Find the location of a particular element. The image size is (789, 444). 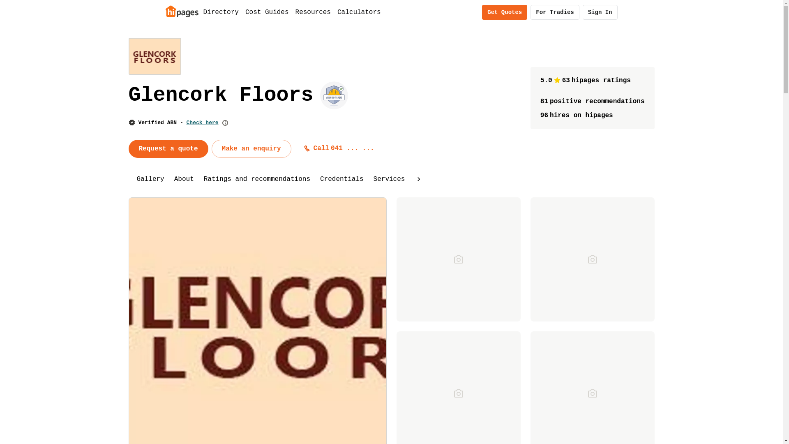

'Request a quote' is located at coordinates (167, 149).